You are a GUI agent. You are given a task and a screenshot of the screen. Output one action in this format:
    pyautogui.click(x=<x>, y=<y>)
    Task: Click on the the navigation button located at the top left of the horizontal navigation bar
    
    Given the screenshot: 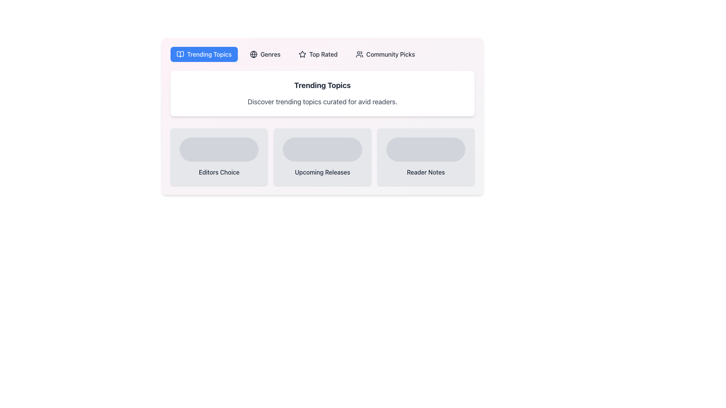 What is the action you would take?
    pyautogui.click(x=204, y=54)
    